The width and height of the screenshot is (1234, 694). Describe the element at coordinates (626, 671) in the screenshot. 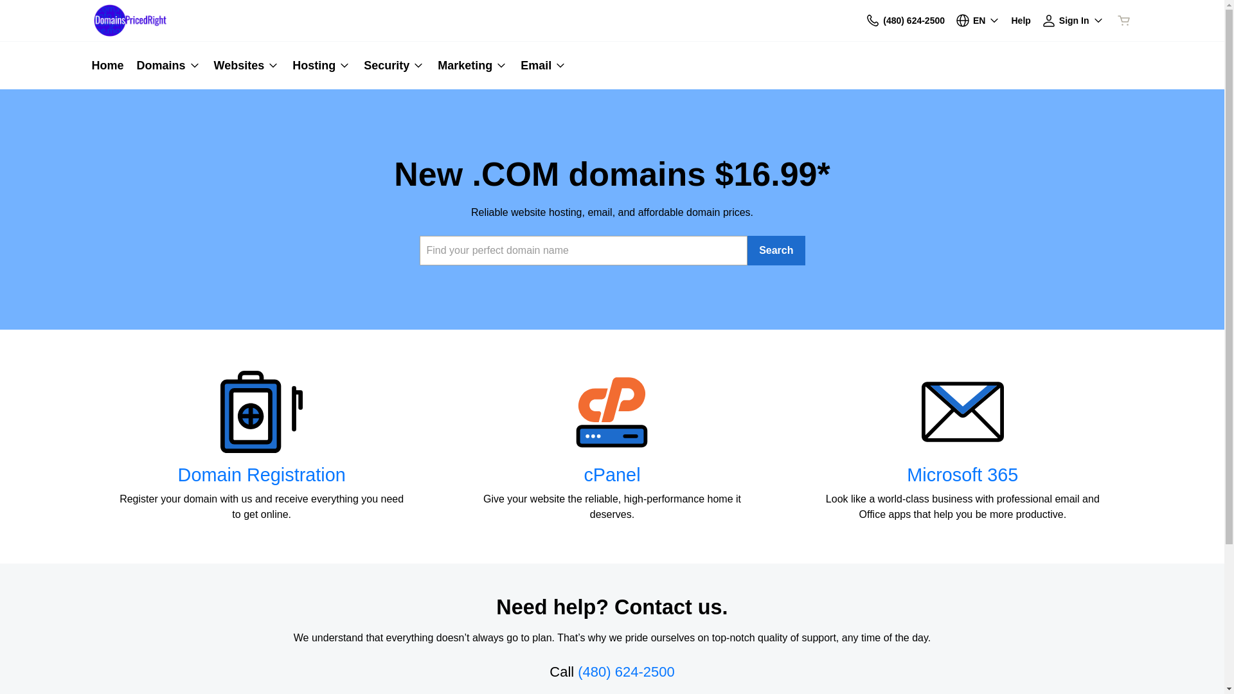

I see `'(480) 624-2500'` at that location.